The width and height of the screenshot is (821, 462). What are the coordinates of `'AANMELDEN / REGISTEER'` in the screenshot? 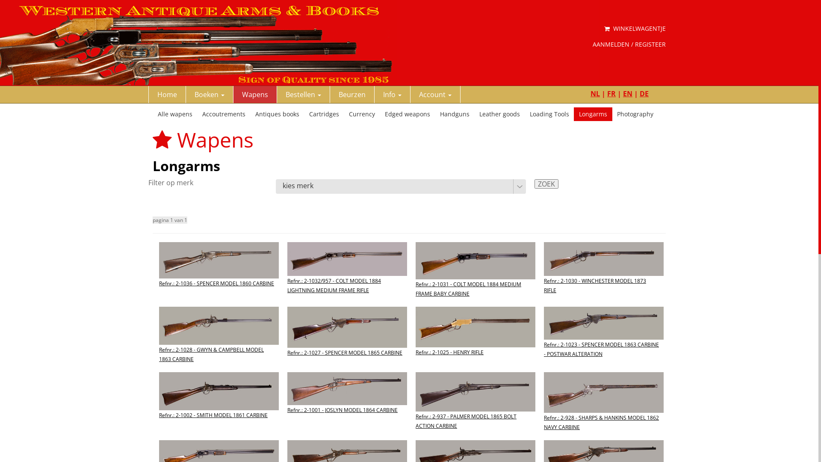 It's located at (629, 44).